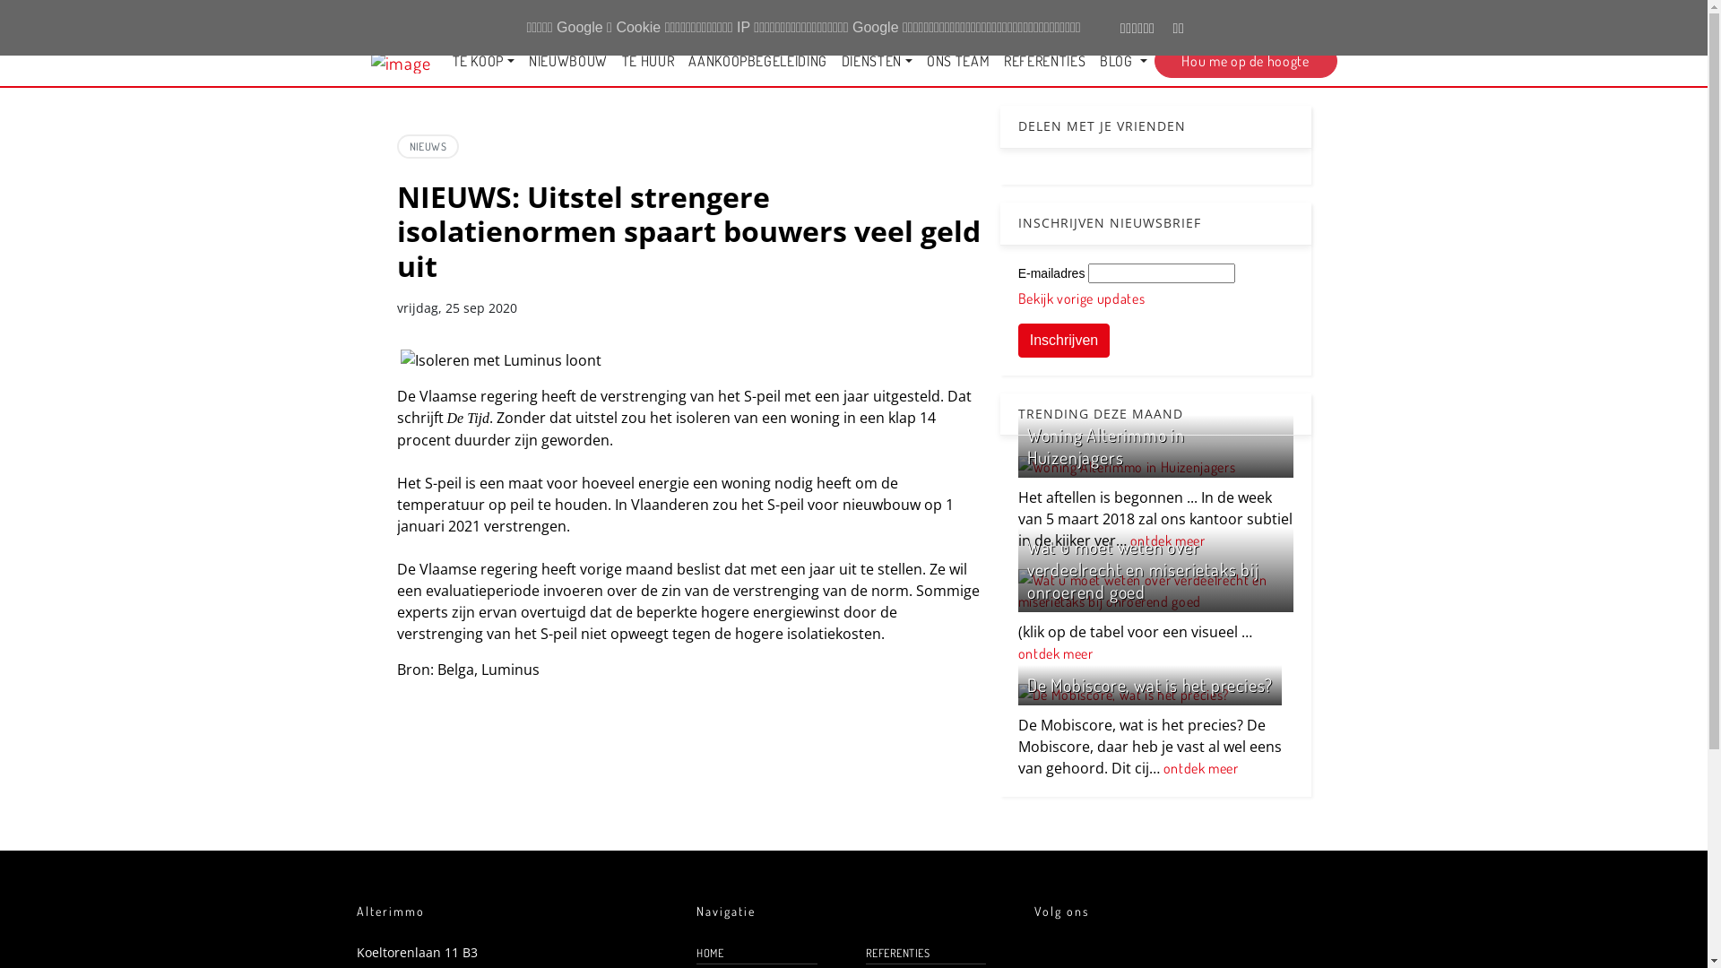  What do you see at coordinates (957, 60) in the screenshot?
I see `'ONS TEAM'` at bounding box center [957, 60].